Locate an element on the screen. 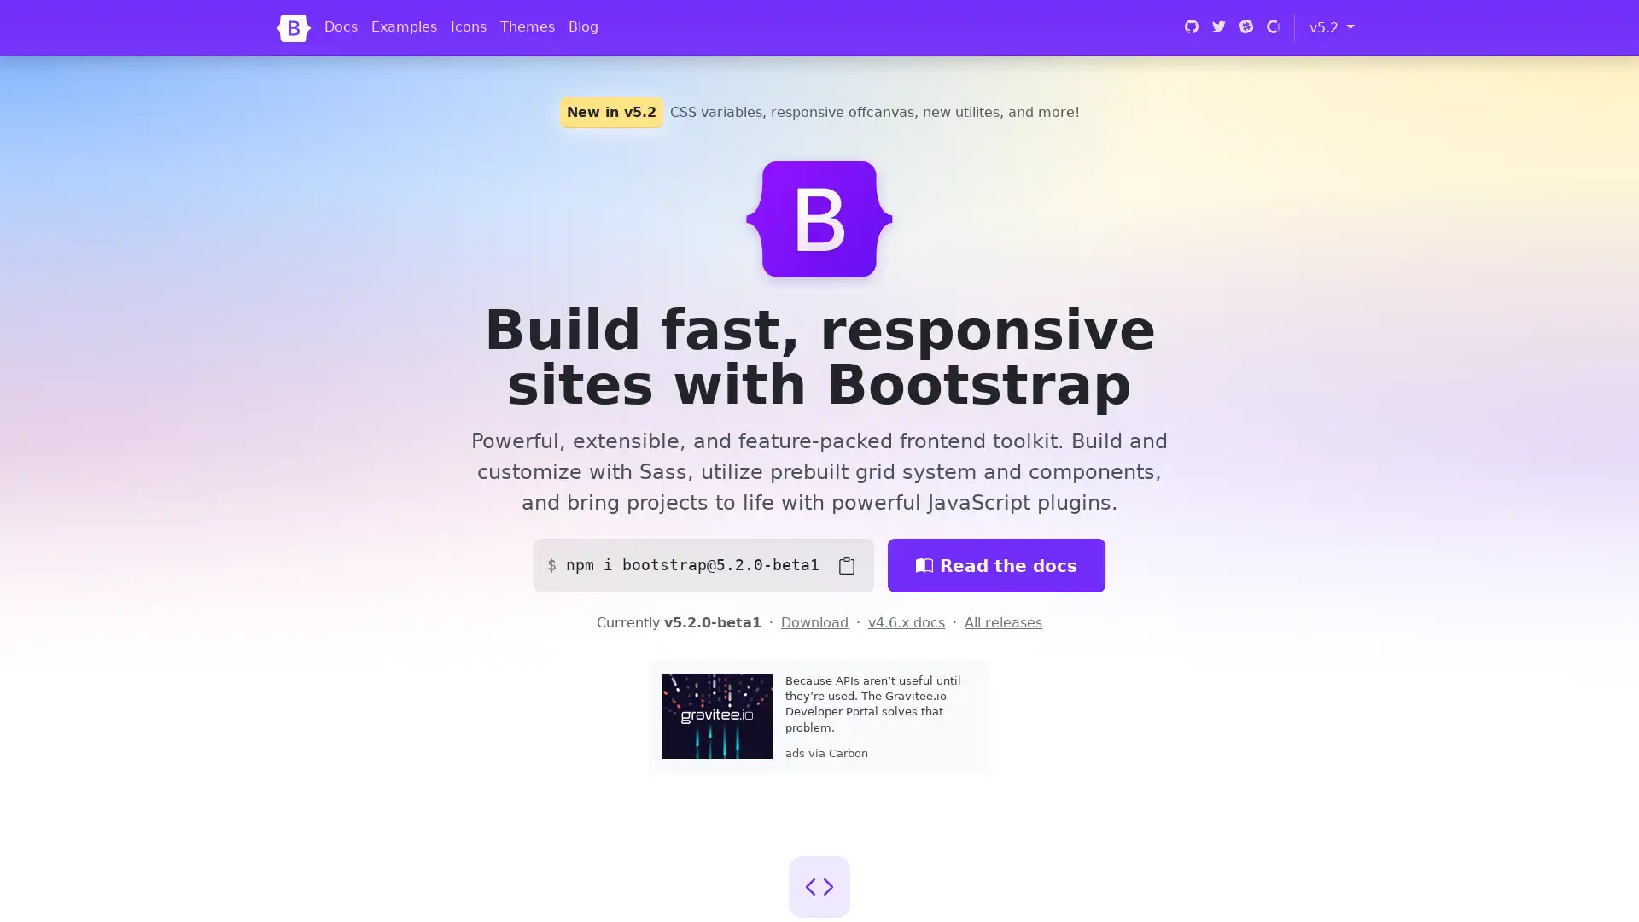  Copy is located at coordinates (847, 564).